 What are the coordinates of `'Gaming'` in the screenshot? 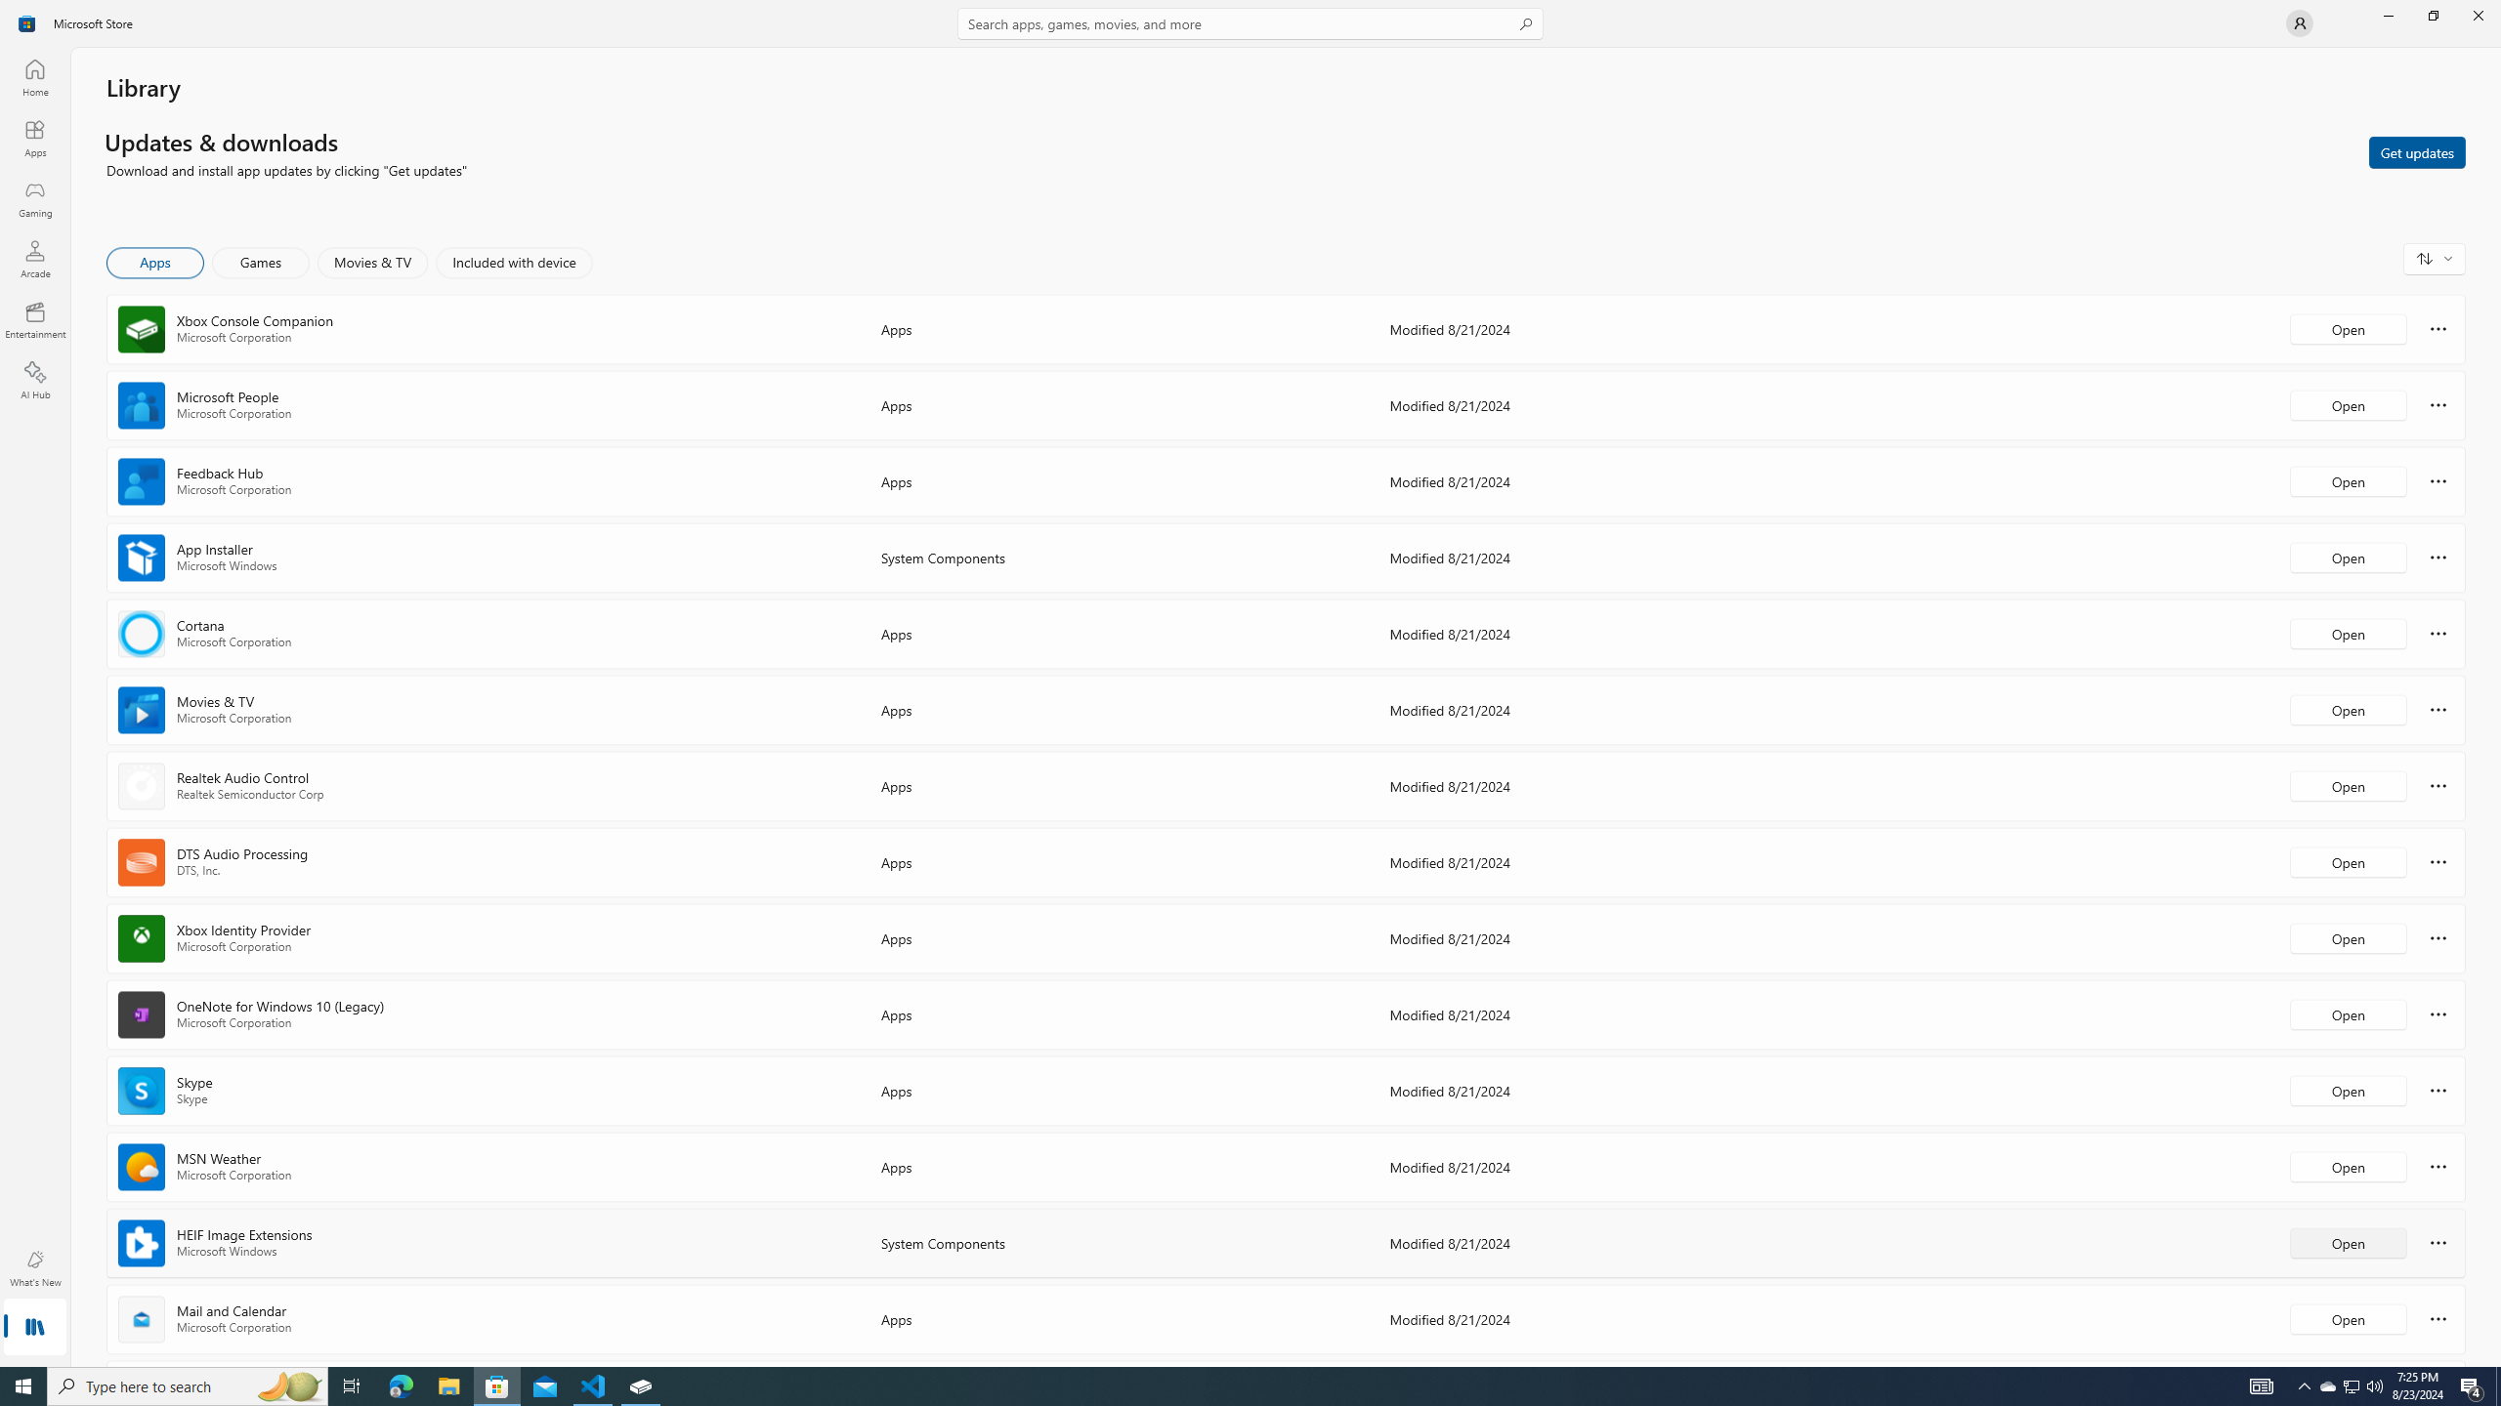 It's located at (33, 197).